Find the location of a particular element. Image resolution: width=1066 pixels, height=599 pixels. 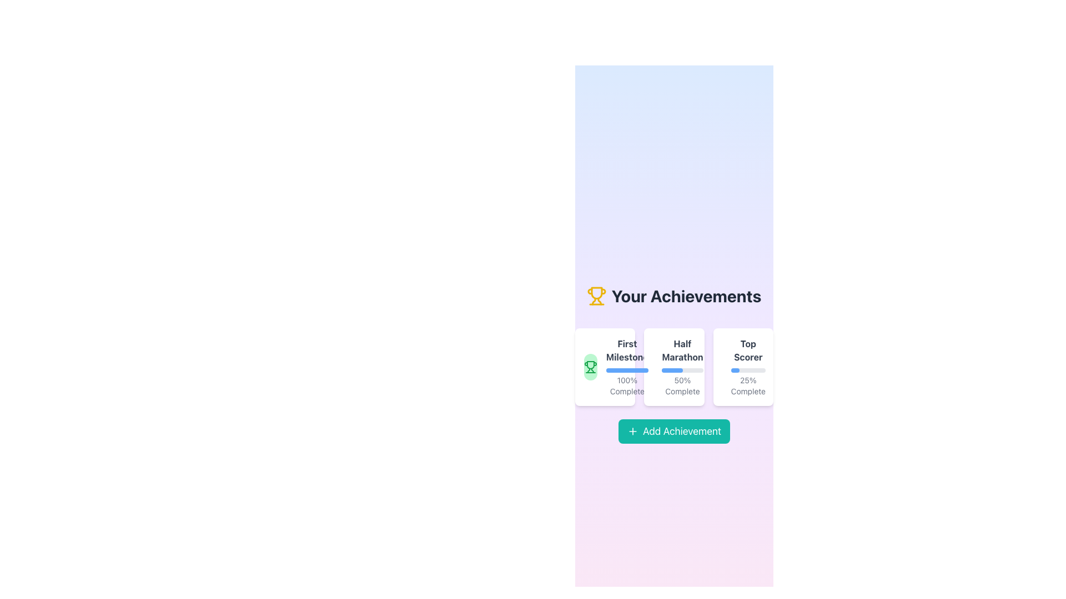

the 'First Milestone' achievement icon, which is a green trophy symbol located in the leftmost card under the 'Your Achievements' heading is located at coordinates (590, 367).